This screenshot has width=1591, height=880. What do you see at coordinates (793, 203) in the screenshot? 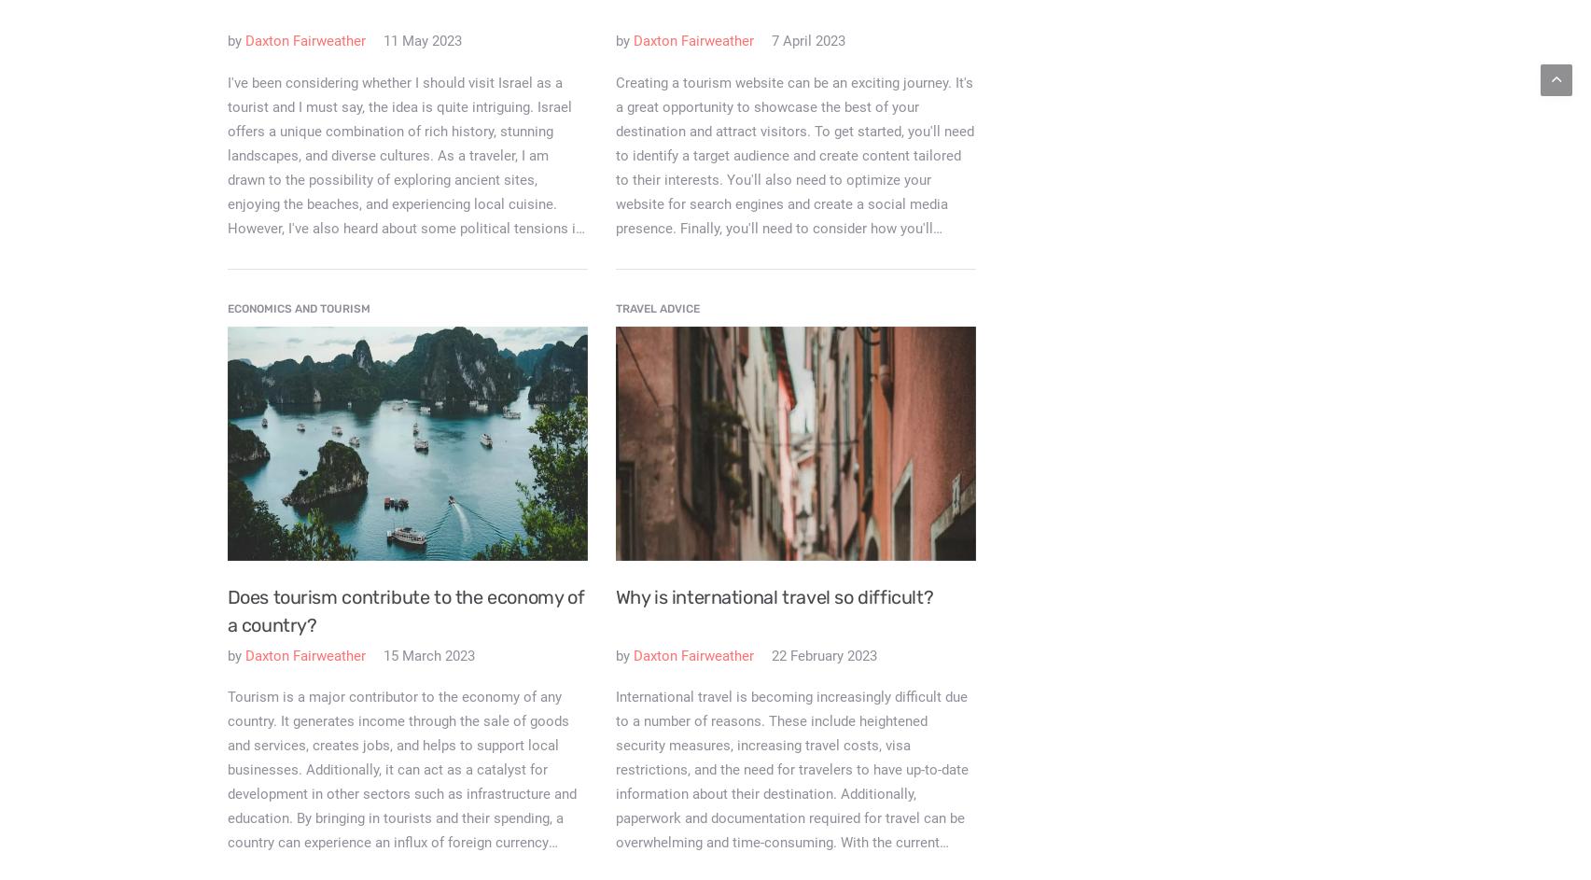
I see `'Creating a tourism website can be an exciting journey. It's a great opportunity to showcase the best of your destination and attract visitors. To get started, you'll need to identify a target audience and create content tailored to their interests. You'll also need to optimize your website for search engines and create a social media presence. Finally, you'll need to consider how you'll monetize the website and ensure it's secure and user-friendly. With the right strategy and execution, you can create a successful tourism website that attracts visitors and keeps them engaged.'` at bounding box center [793, 203].